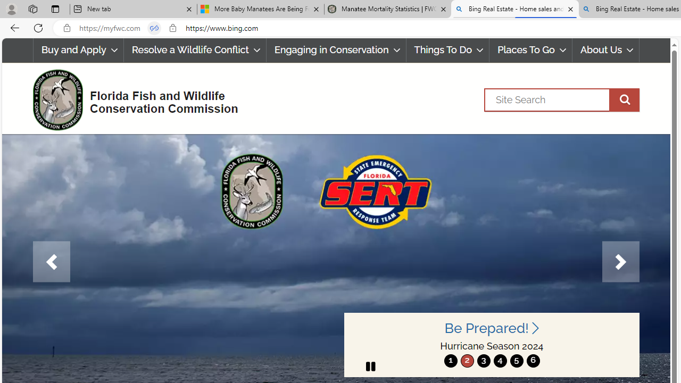 This screenshot has width=681, height=383. What do you see at coordinates (153, 28) in the screenshot?
I see `'Tabs in split screen'` at bounding box center [153, 28].